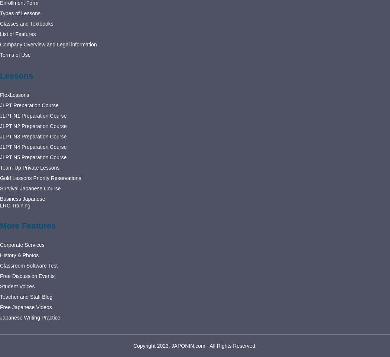 The image size is (390, 357). Describe the element at coordinates (25, 307) in the screenshot. I see `'Free Japanese Videos'` at that location.